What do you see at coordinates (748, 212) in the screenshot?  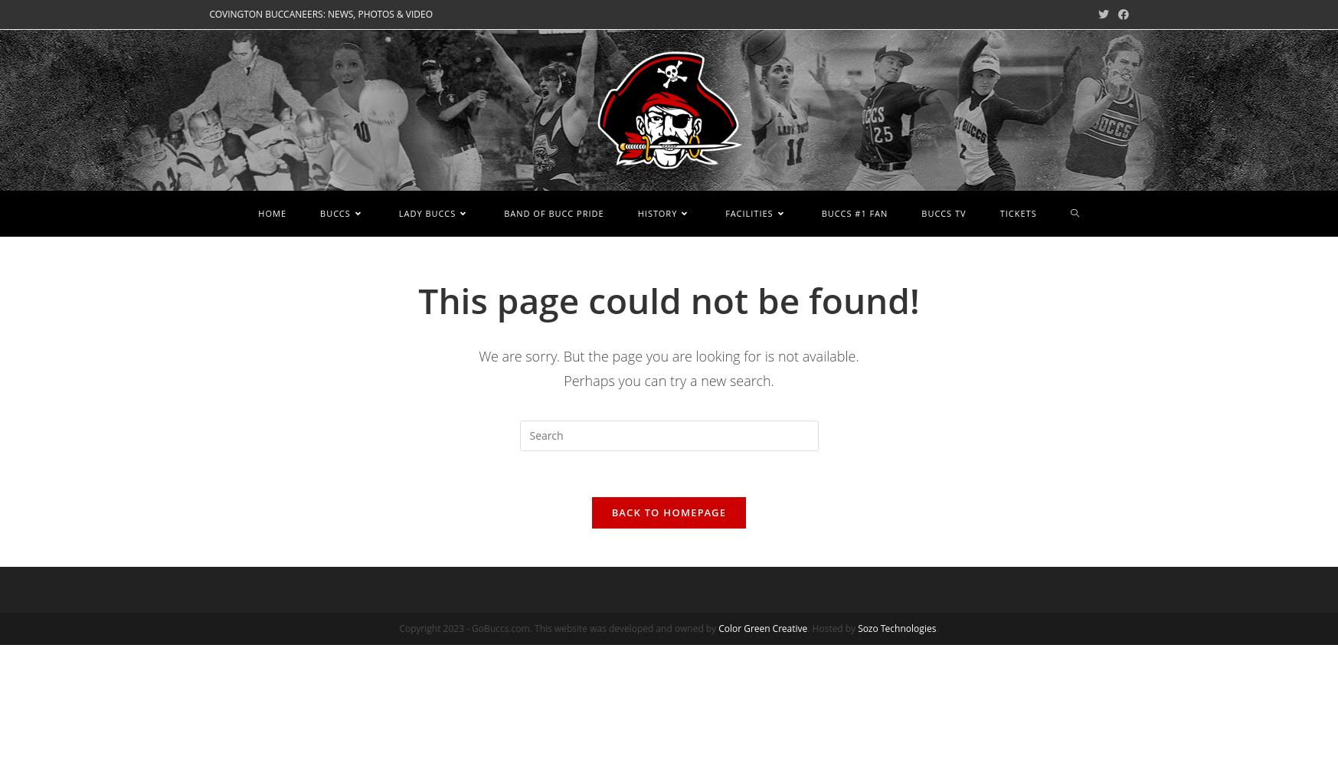 I see `'FACILITIES'` at bounding box center [748, 212].